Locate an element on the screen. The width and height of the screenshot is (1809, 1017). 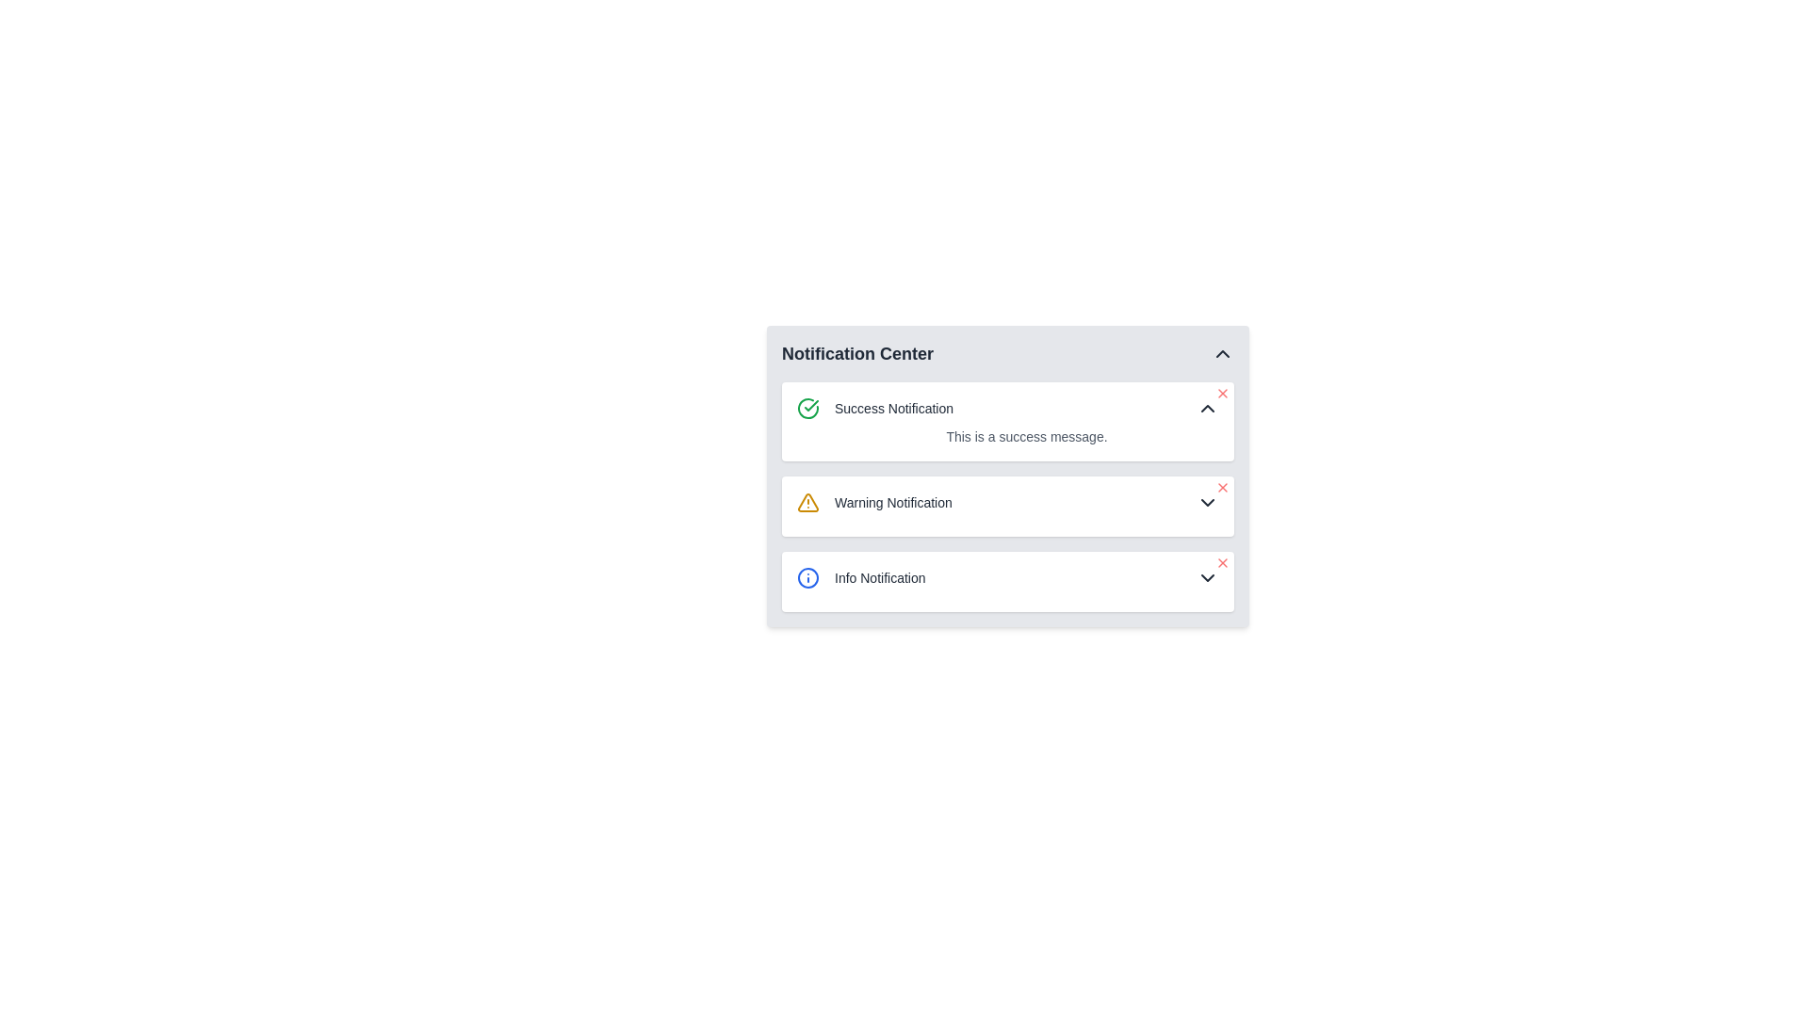
the triangular warning icon with a yellow outline, which is part of the warning notification component, located to the left of the 'Warning Notification' text is located at coordinates (808, 501).